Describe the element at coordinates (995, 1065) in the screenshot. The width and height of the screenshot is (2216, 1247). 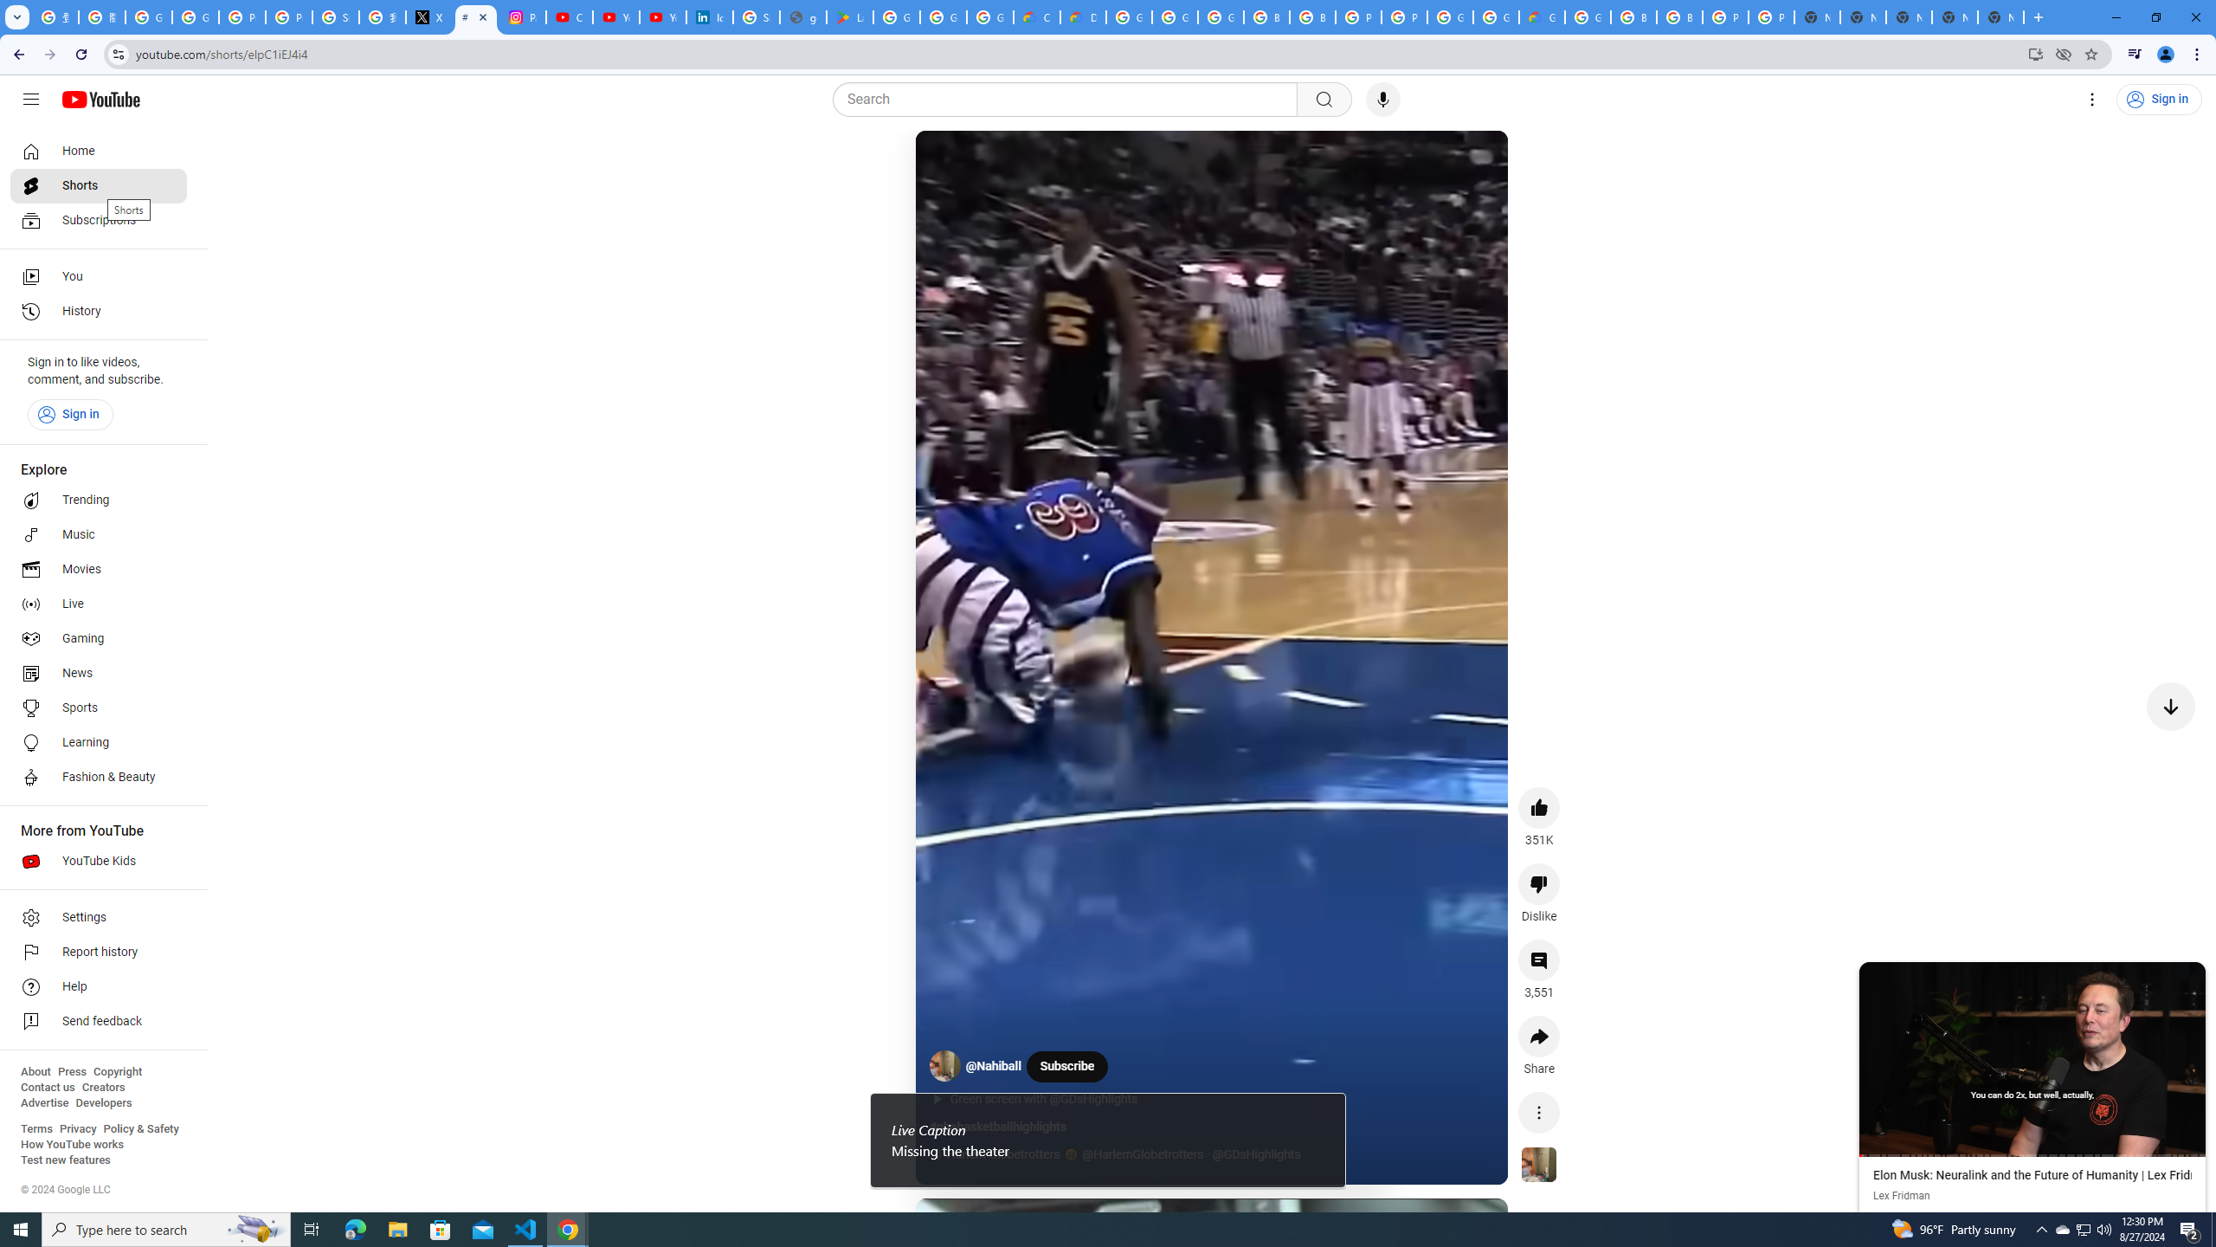
I see `'@Nahiball'` at that location.